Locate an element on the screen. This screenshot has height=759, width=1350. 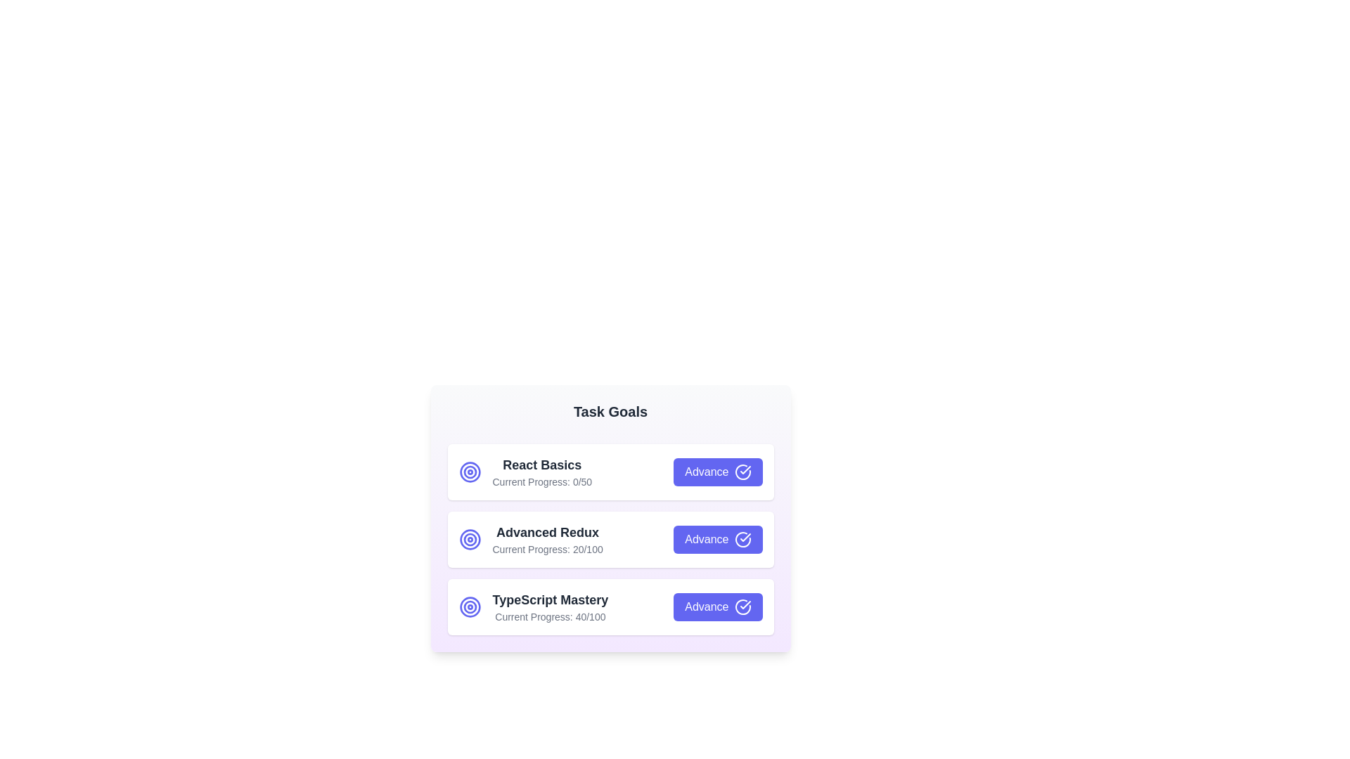
the composite text element displaying the title and progress information of the 'Advanced Redux' task is located at coordinates (547, 538).